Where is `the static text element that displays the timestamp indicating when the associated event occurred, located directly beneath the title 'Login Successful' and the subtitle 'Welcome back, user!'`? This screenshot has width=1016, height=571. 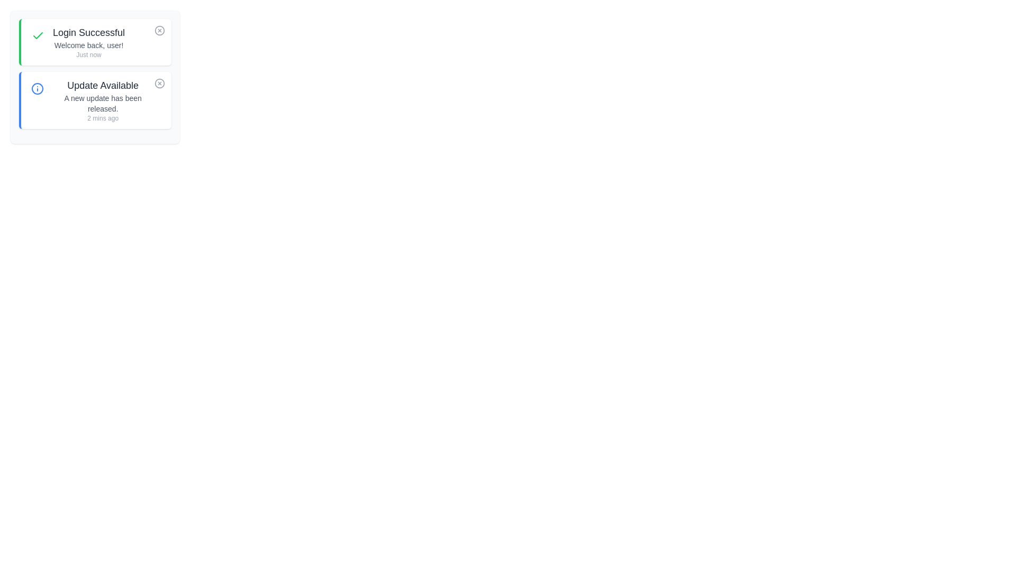 the static text element that displays the timestamp indicating when the associated event occurred, located directly beneath the title 'Login Successful' and the subtitle 'Welcome back, user!' is located at coordinates (89, 55).